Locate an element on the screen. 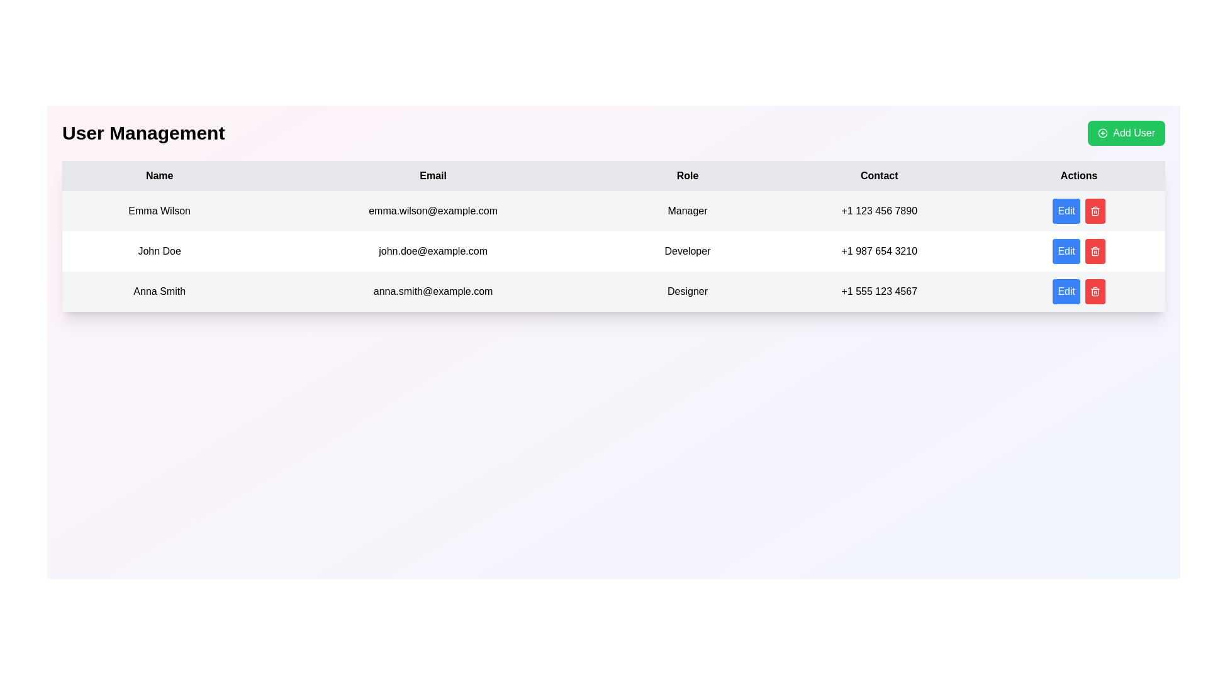 This screenshot has height=679, width=1208. the 'Contact' Label in the user management table for 'Anna Smith', which displays phone contact information is located at coordinates (878, 291).